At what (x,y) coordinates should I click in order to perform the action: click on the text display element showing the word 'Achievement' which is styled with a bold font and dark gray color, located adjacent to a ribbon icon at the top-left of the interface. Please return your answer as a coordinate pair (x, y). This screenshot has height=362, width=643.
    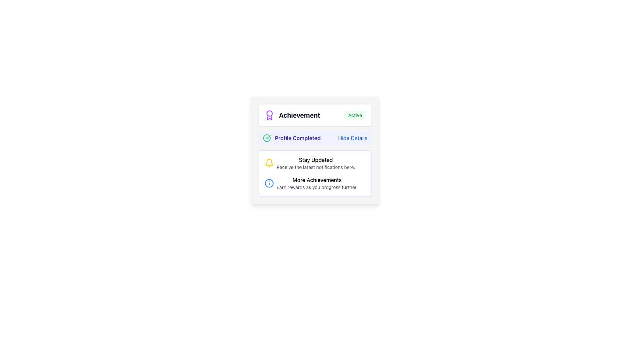
    Looking at the image, I should click on (299, 115).